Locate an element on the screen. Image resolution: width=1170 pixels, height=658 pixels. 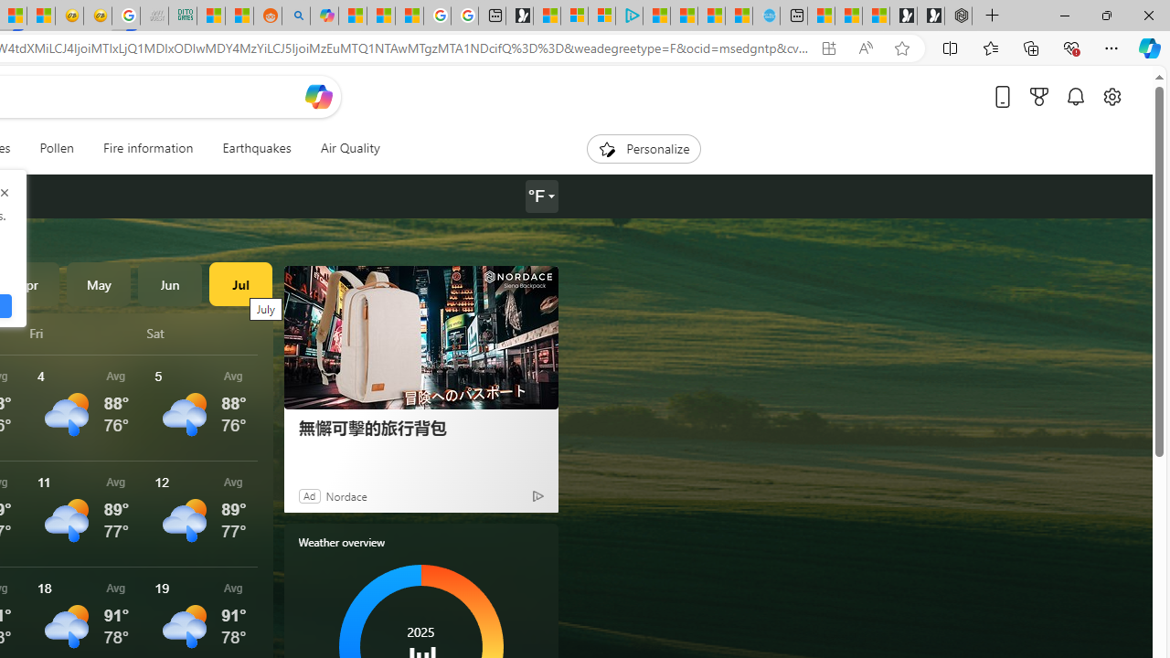
'Fri' is located at coordinates (84, 333).